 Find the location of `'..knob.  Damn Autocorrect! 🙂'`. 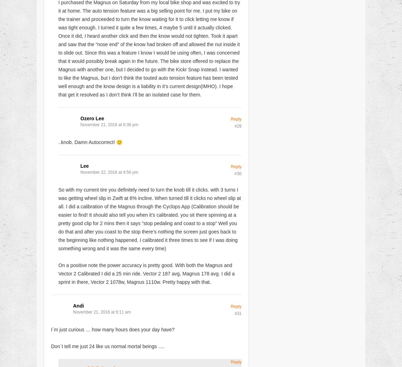

'..knob.  Damn Autocorrect! 🙂' is located at coordinates (89, 142).